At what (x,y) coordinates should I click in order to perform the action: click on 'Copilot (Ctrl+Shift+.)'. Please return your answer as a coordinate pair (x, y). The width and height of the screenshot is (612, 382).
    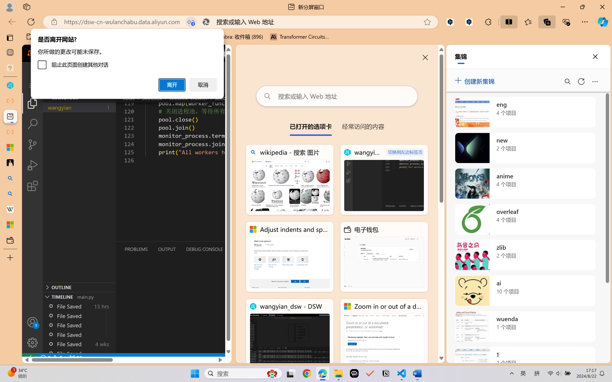
    Looking at the image, I should click on (603, 22).